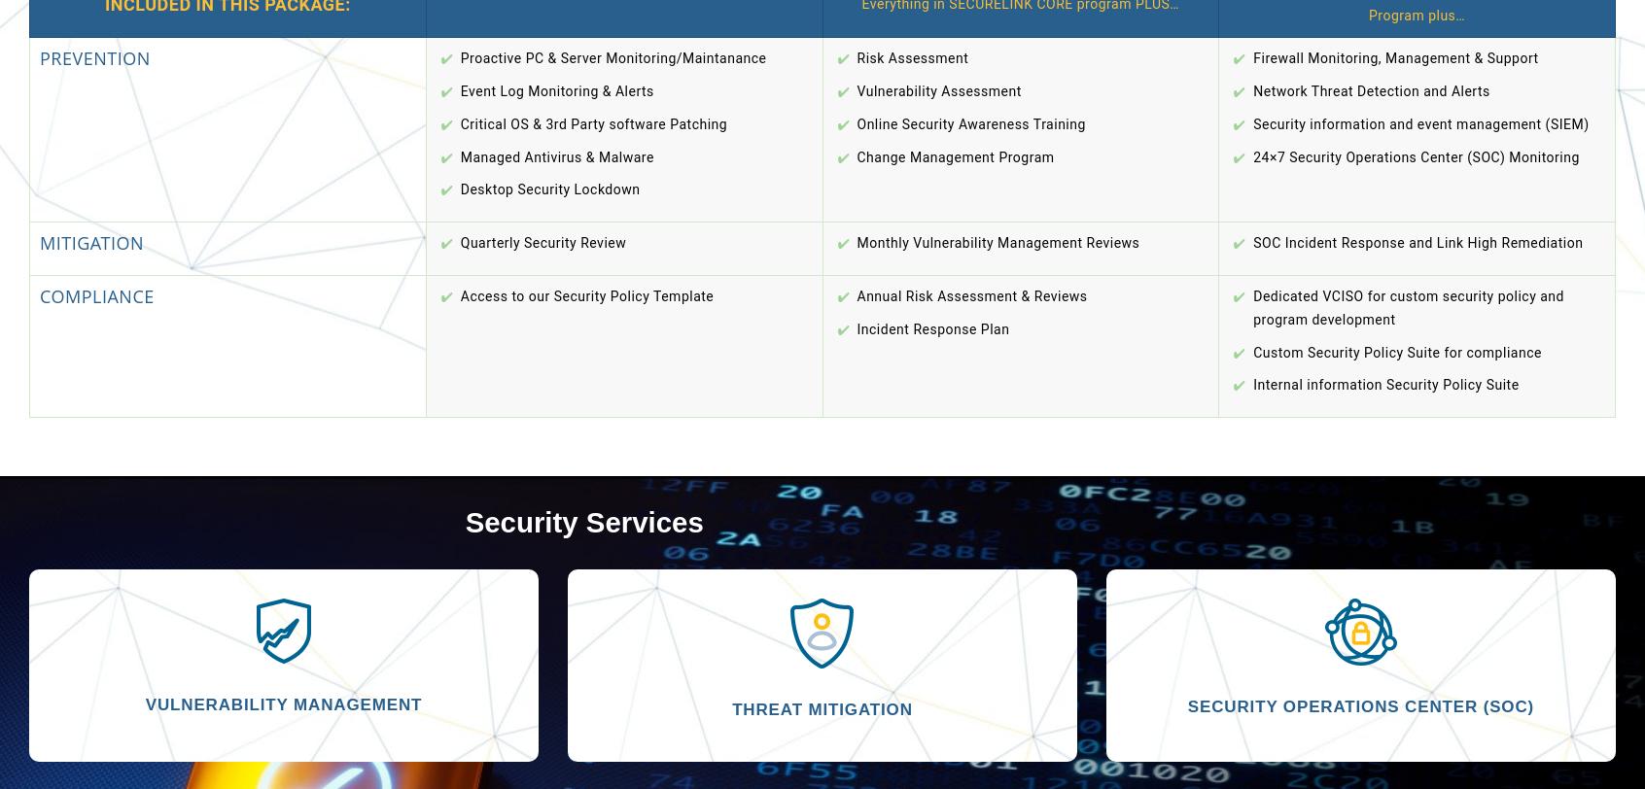 This screenshot has height=789, width=1645. Describe the element at coordinates (1279, 68) in the screenshot. I see `'Contact Link High Technologies Inc.'` at that location.